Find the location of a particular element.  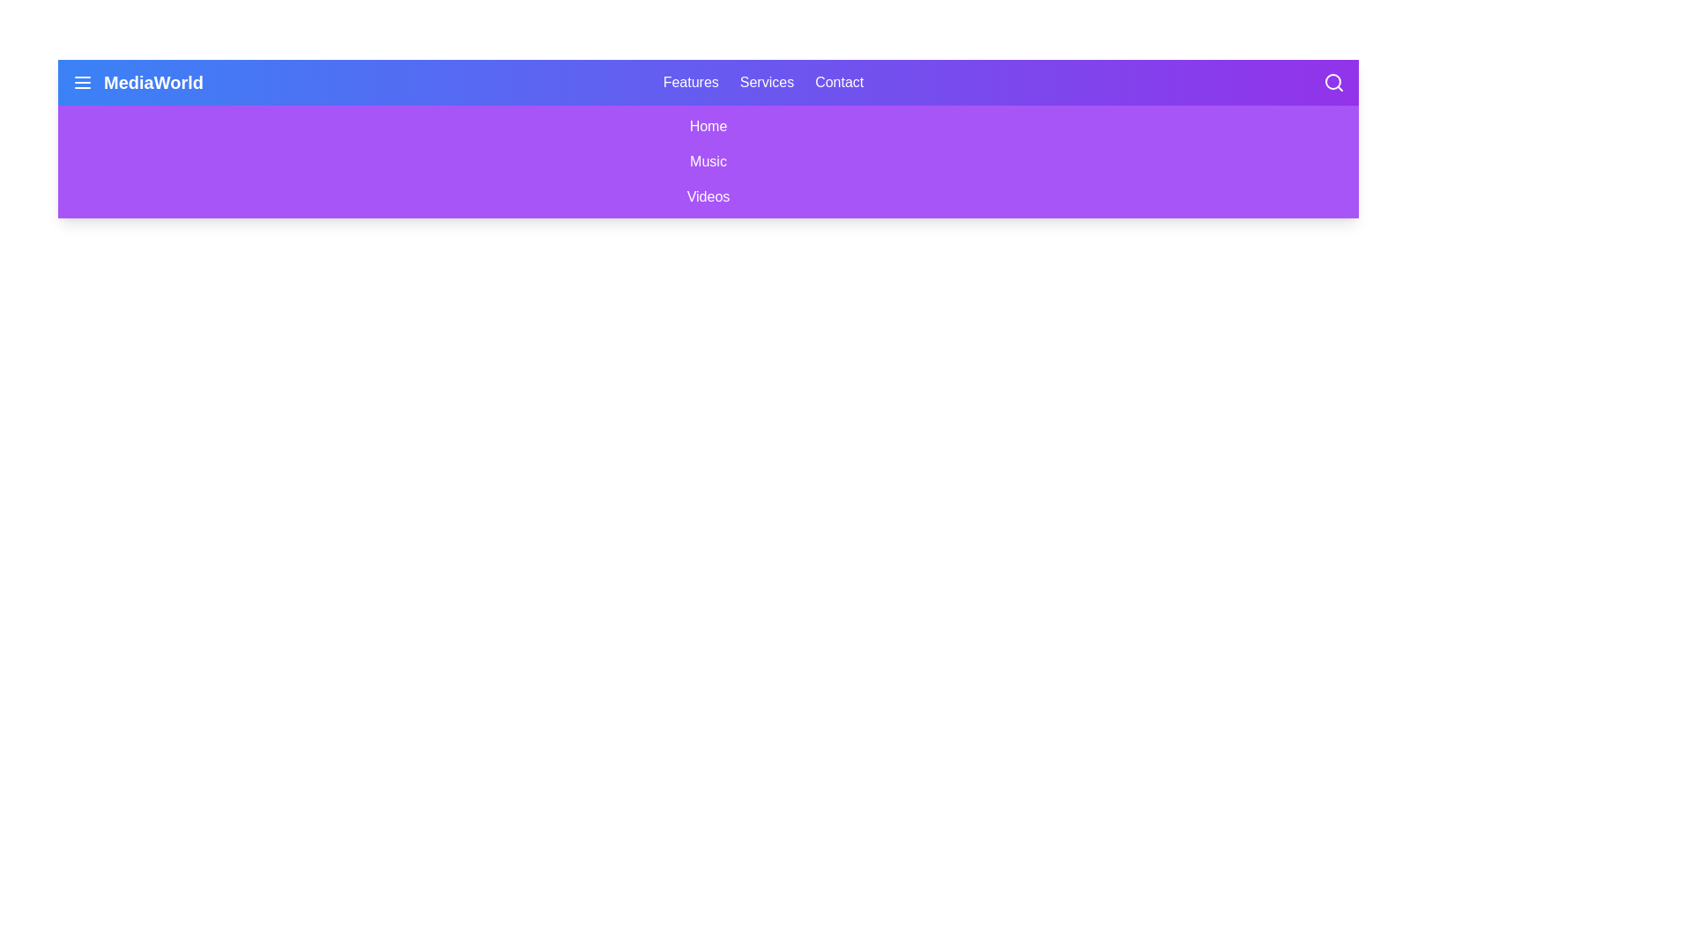

the 'Services' link in the navigation bar is located at coordinates (767, 82).